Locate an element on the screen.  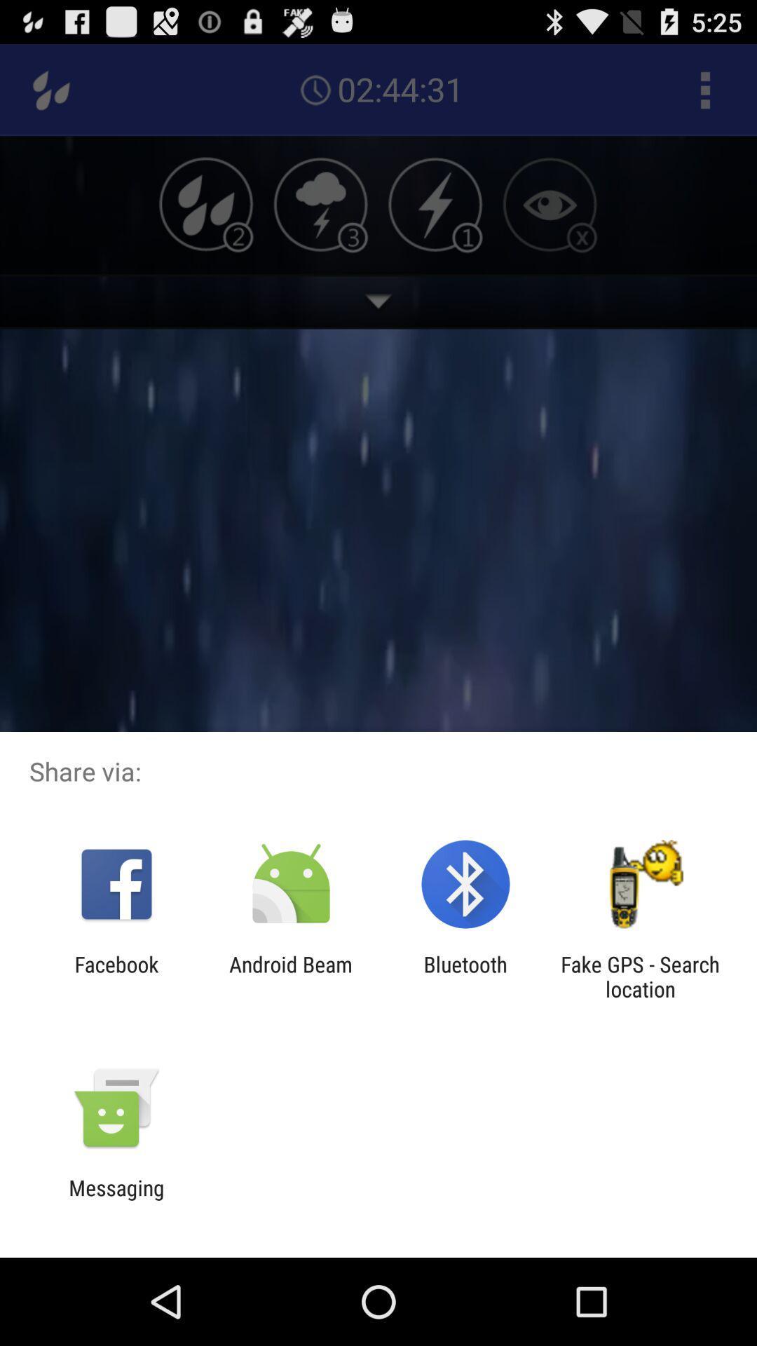
the app to the left of the android beam icon is located at coordinates (116, 976).